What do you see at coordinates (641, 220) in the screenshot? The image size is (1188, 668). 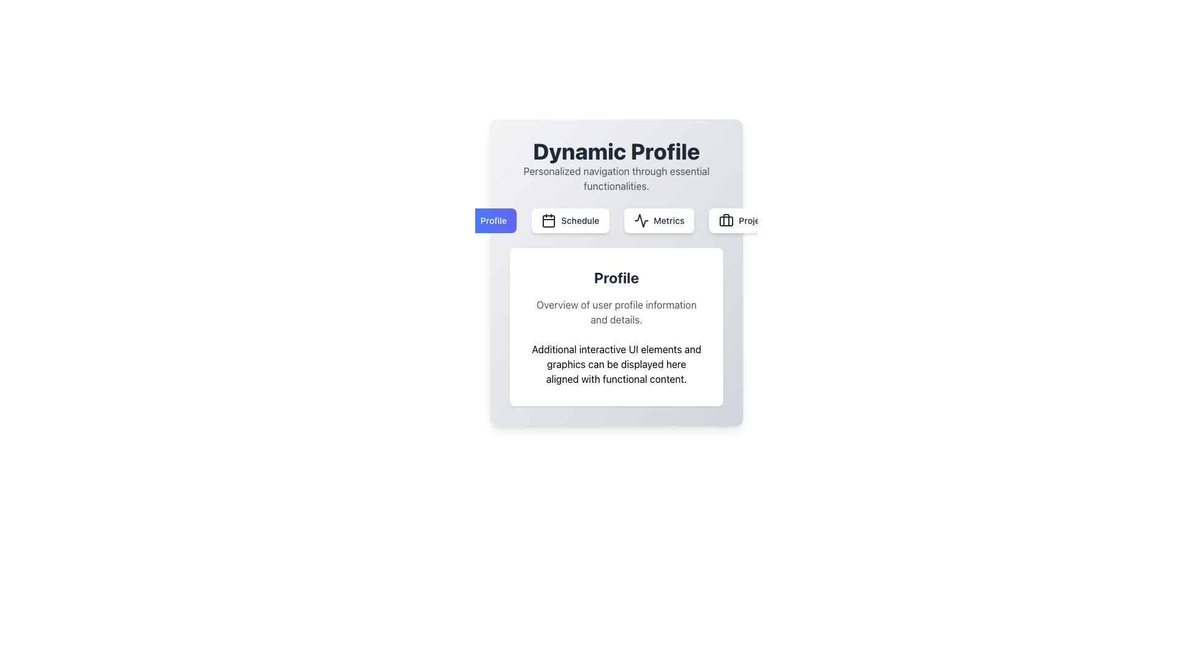 I see `the 'Metrics' icon in the navigation bar located near the top-center of the 'Dynamic Profile' content card` at bounding box center [641, 220].